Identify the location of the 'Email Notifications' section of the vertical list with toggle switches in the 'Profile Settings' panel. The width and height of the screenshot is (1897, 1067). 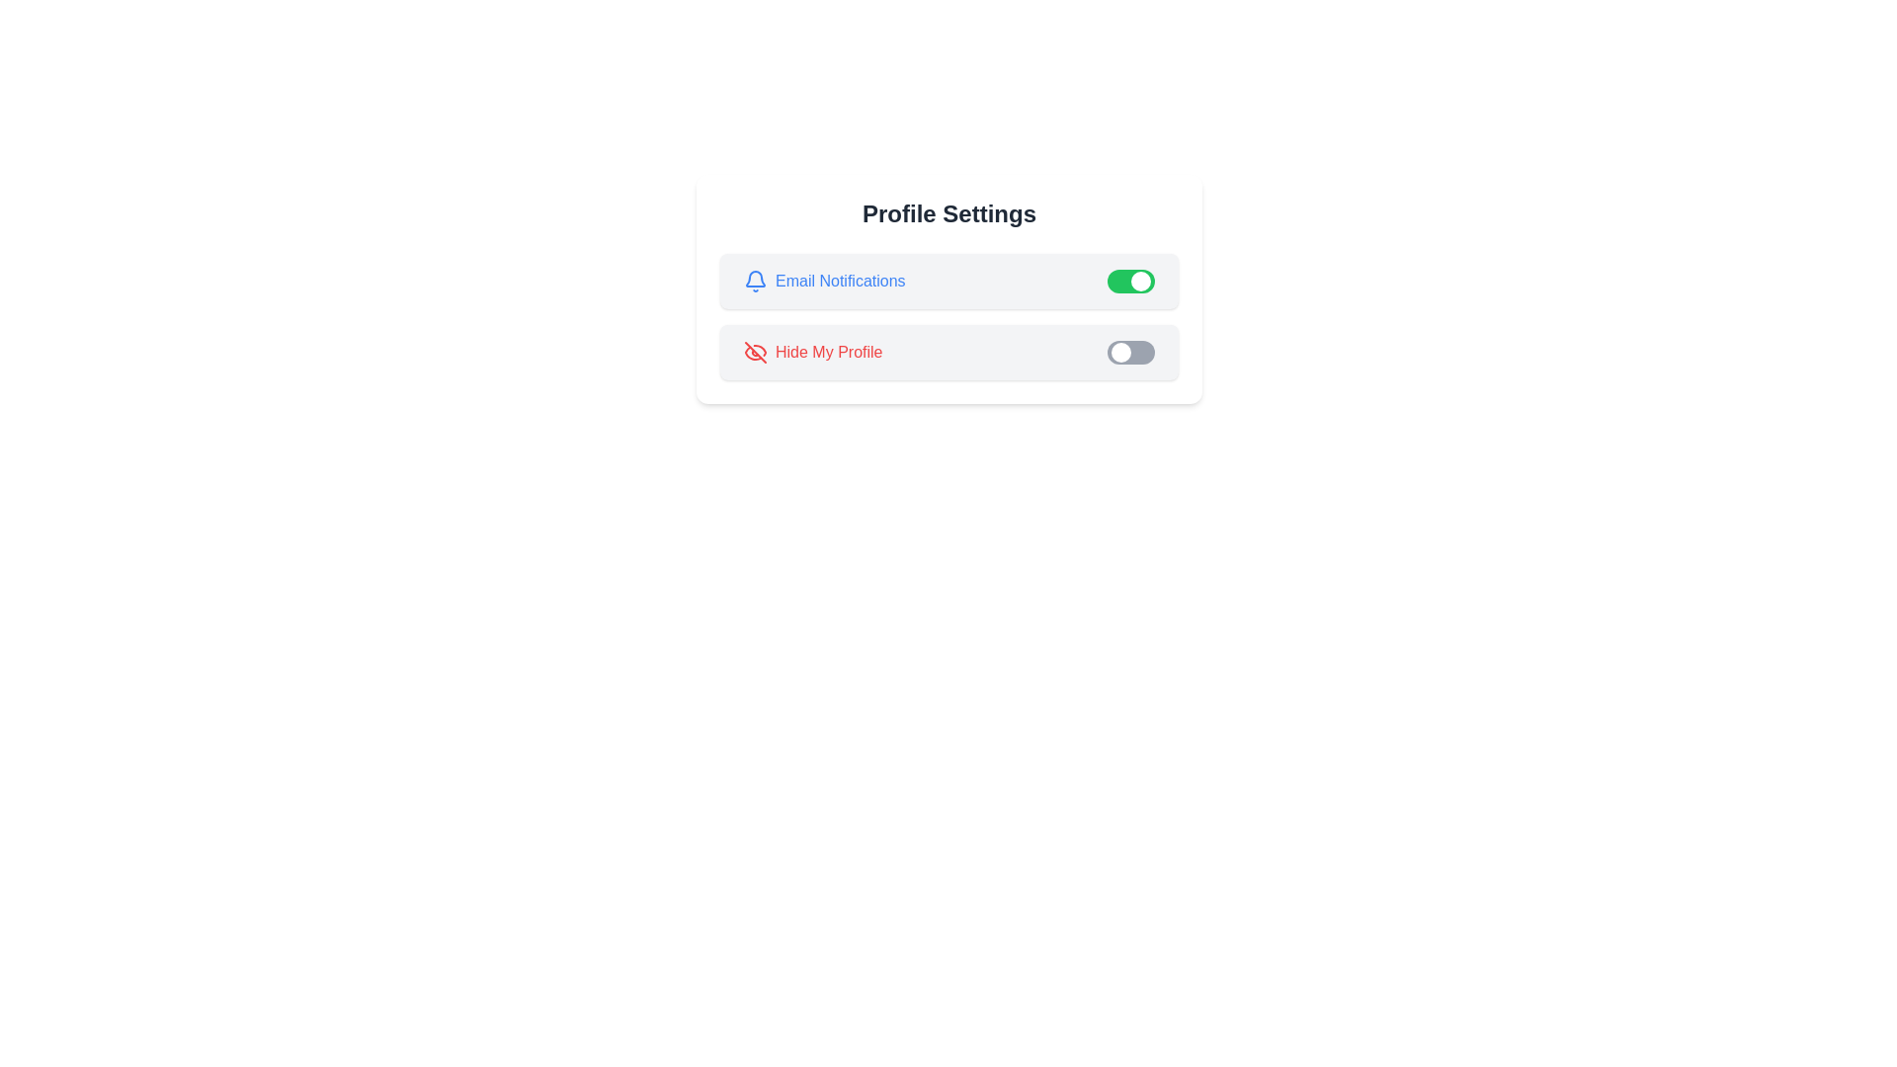
(948, 315).